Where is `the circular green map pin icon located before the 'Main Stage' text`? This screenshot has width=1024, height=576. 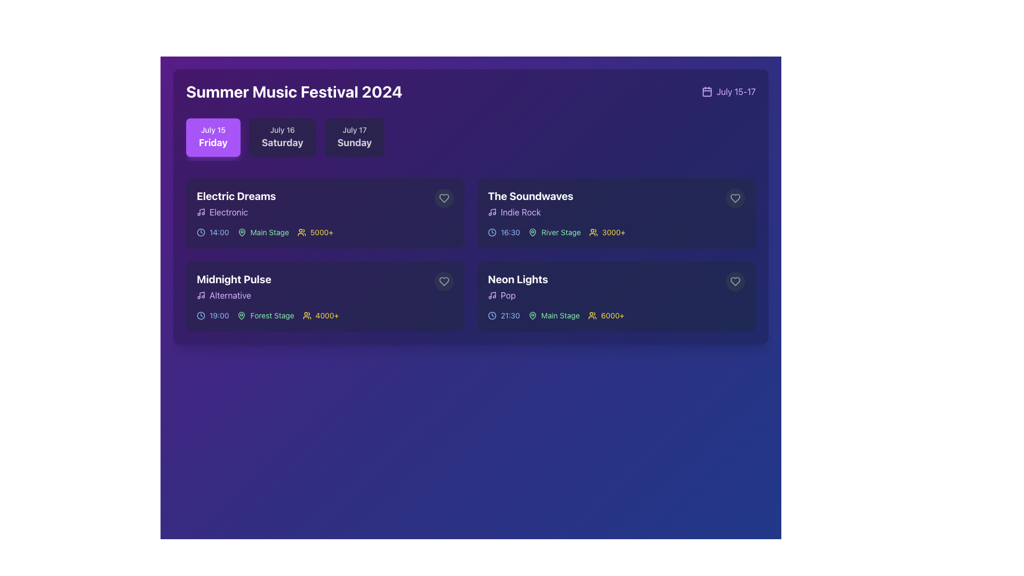 the circular green map pin icon located before the 'Main Stage' text is located at coordinates (532, 315).